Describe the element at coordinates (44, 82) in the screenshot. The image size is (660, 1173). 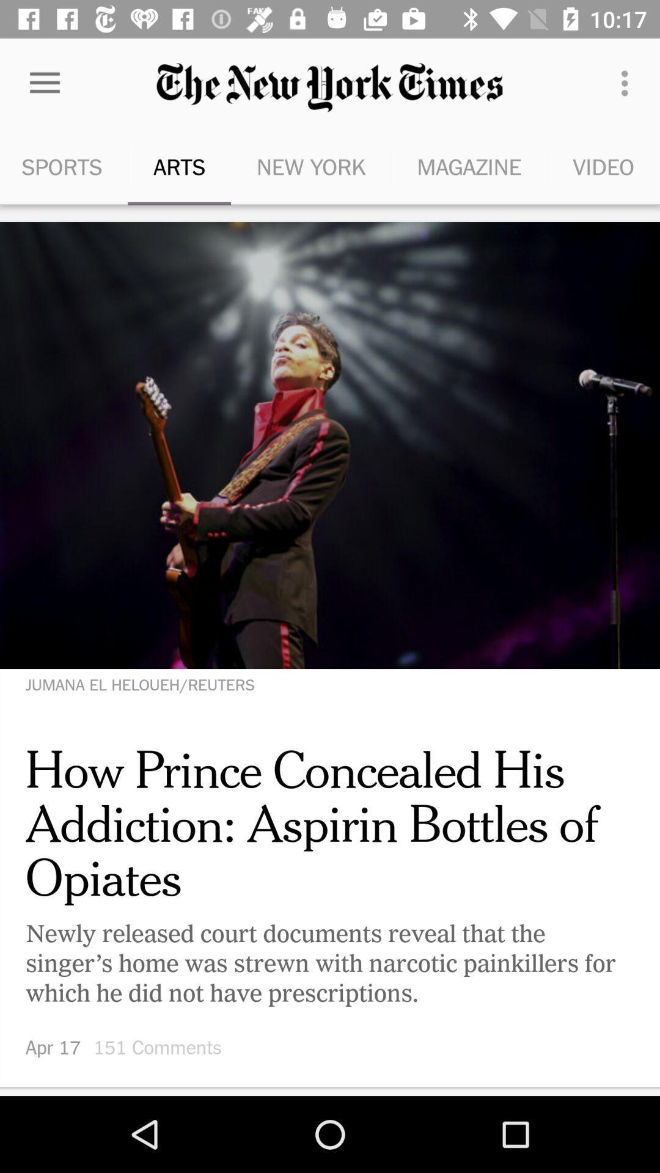
I see `the icon to the left of arts icon` at that location.